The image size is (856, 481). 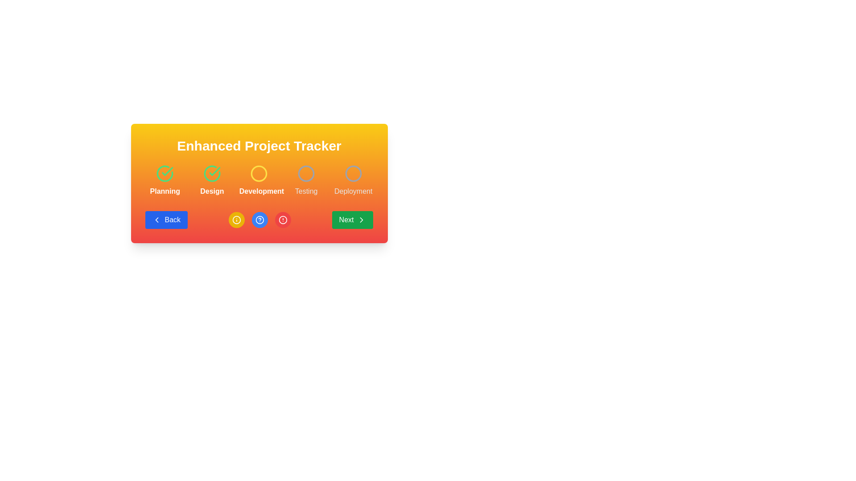 I want to click on the 'Planning' step item, which is the first step in a progression component, indicated by a green checkmark icon, so click(x=165, y=180).